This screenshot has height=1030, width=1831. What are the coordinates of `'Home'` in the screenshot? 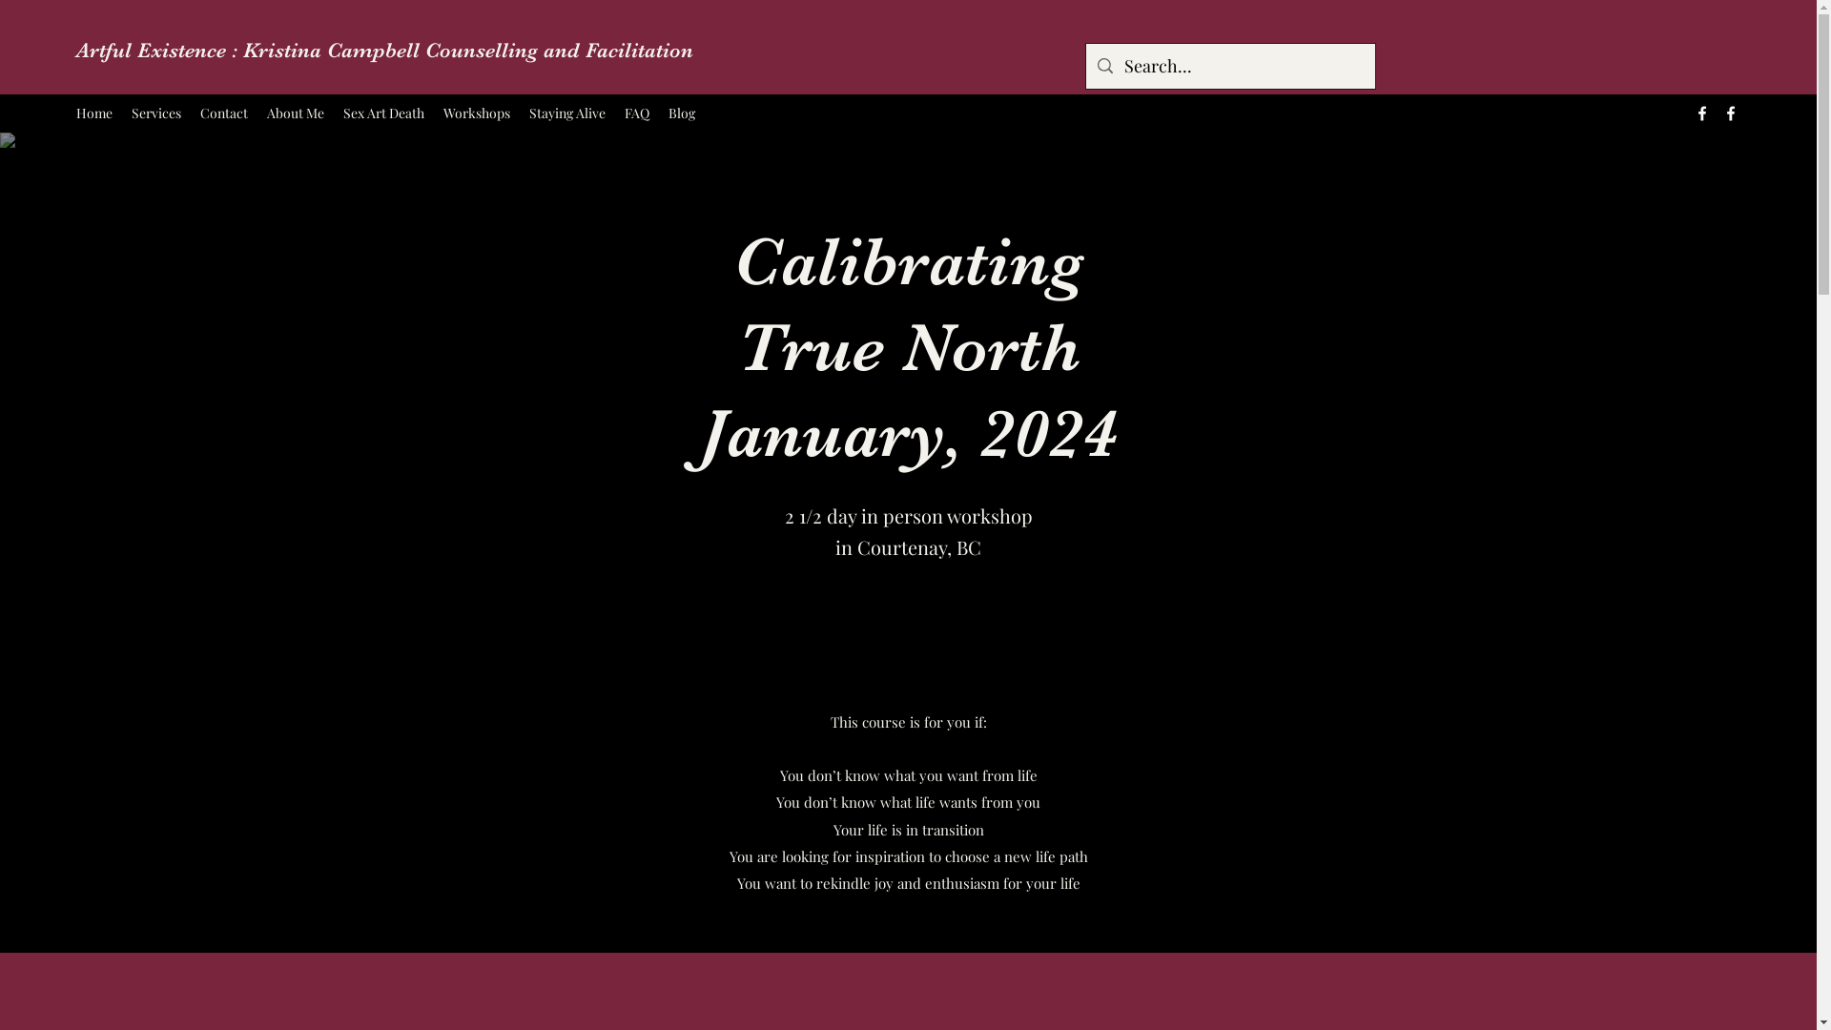 It's located at (93, 113).